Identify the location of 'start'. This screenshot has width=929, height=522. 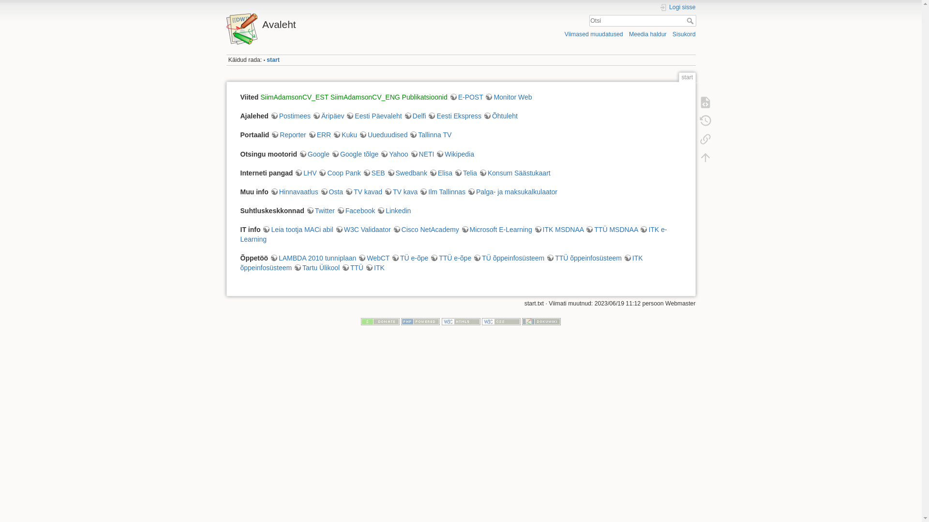
(272, 59).